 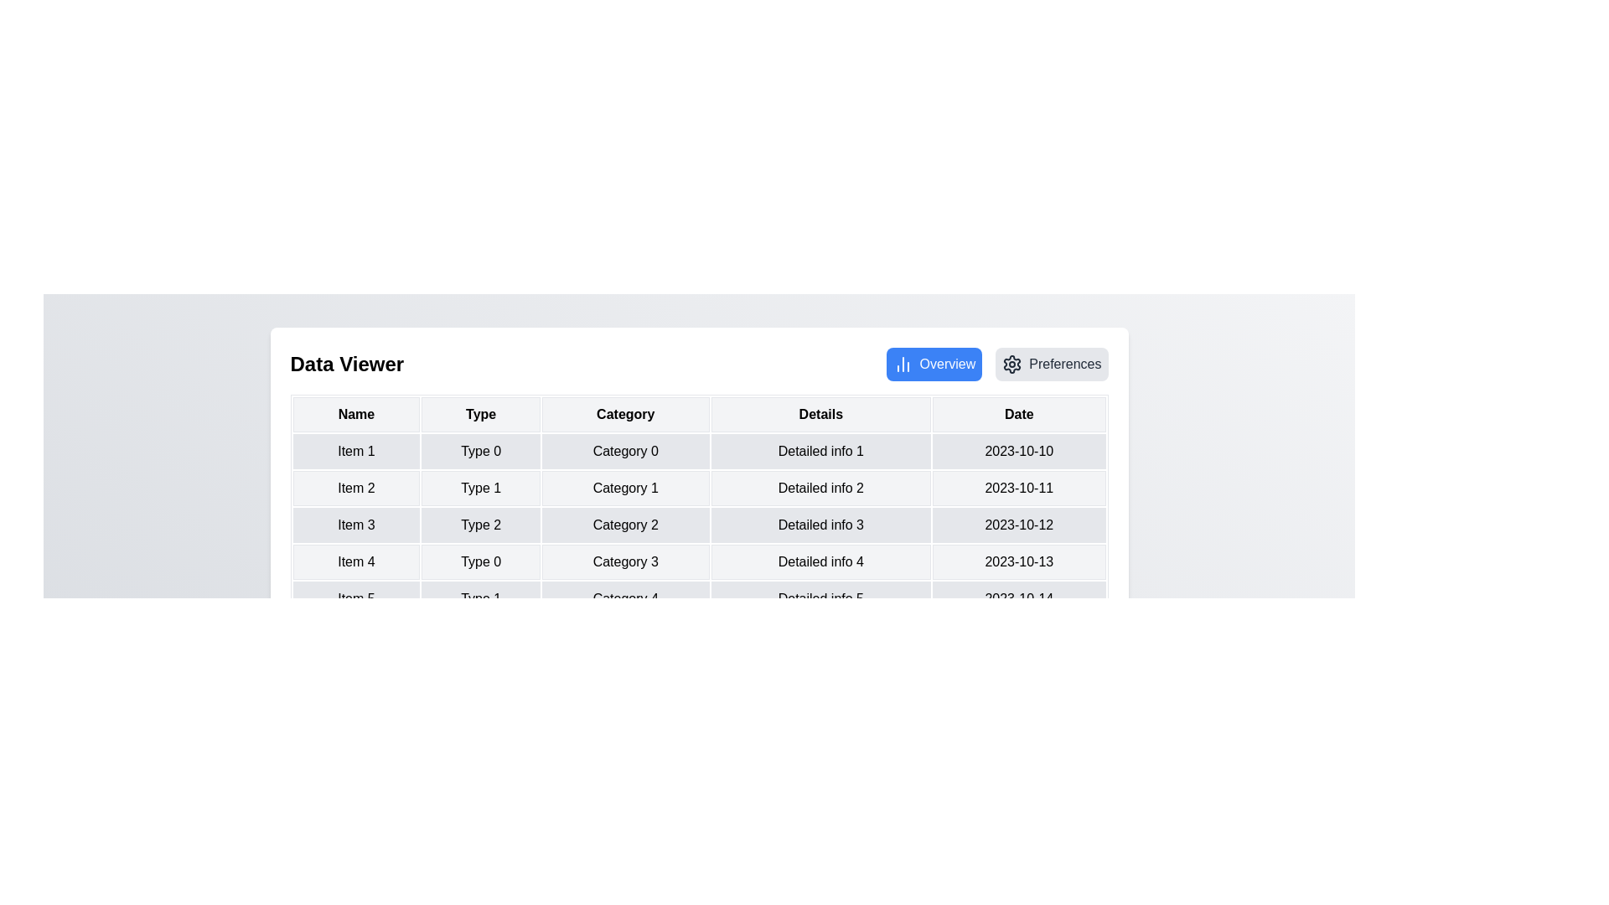 What do you see at coordinates (480, 414) in the screenshot?
I see `the column header Type to explore sorting options` at bounding box center [480, 414].